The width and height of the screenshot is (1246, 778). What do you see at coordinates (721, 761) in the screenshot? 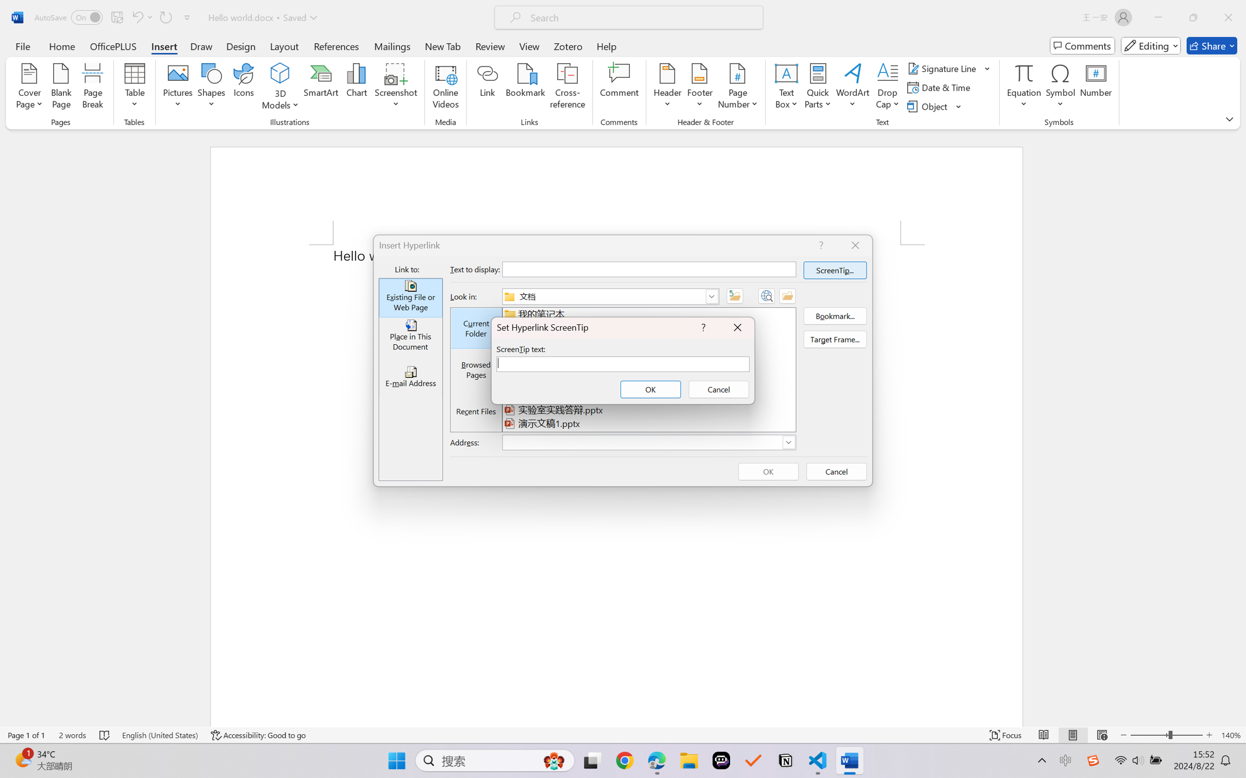
I see `'Poe'` at bounding box center [721, 761].